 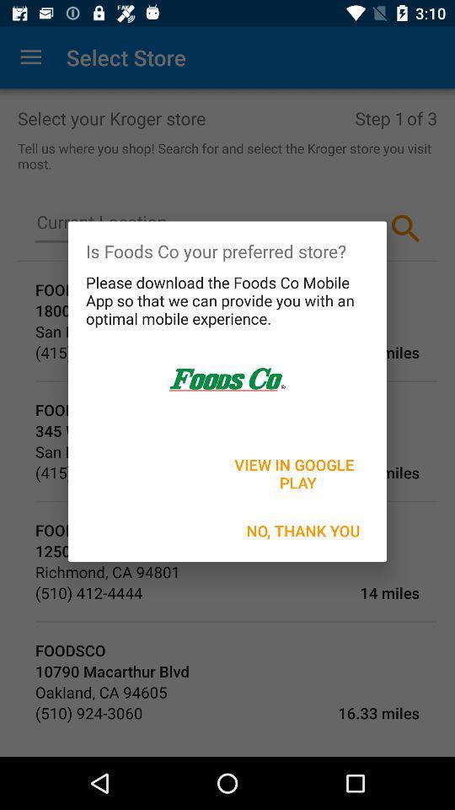 What do you see at coordinates (295, 473) in the screenshot?
I see `the view in google` at bounding box center [295, 473].